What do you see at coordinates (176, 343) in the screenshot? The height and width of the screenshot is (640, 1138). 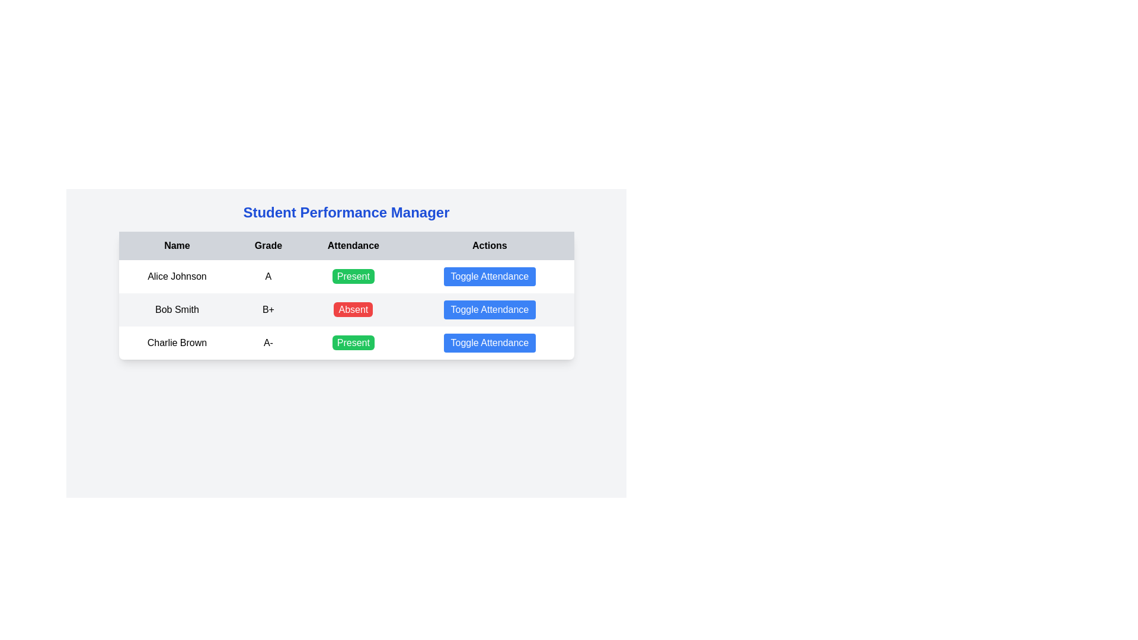 I see `the text label displaying the name 'Charlie Brown' in the first column and third row of the table` at bounding box center [176, 343].